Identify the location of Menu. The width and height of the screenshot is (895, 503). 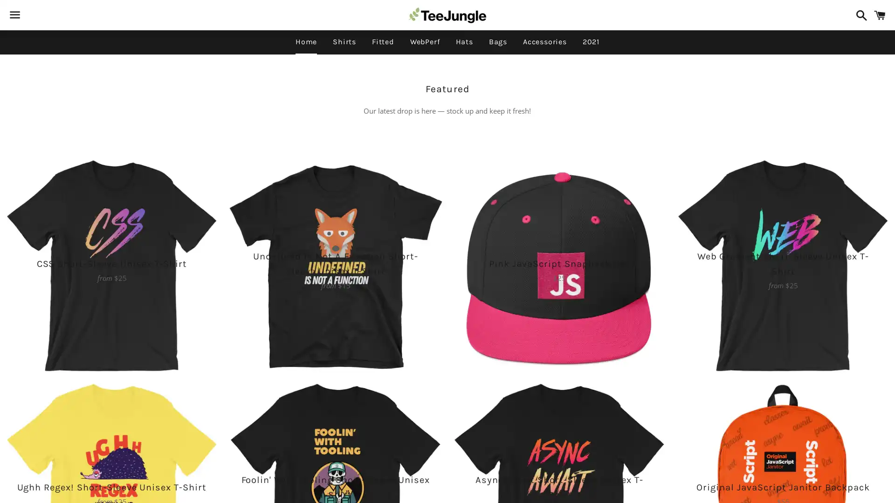
(15, 14).